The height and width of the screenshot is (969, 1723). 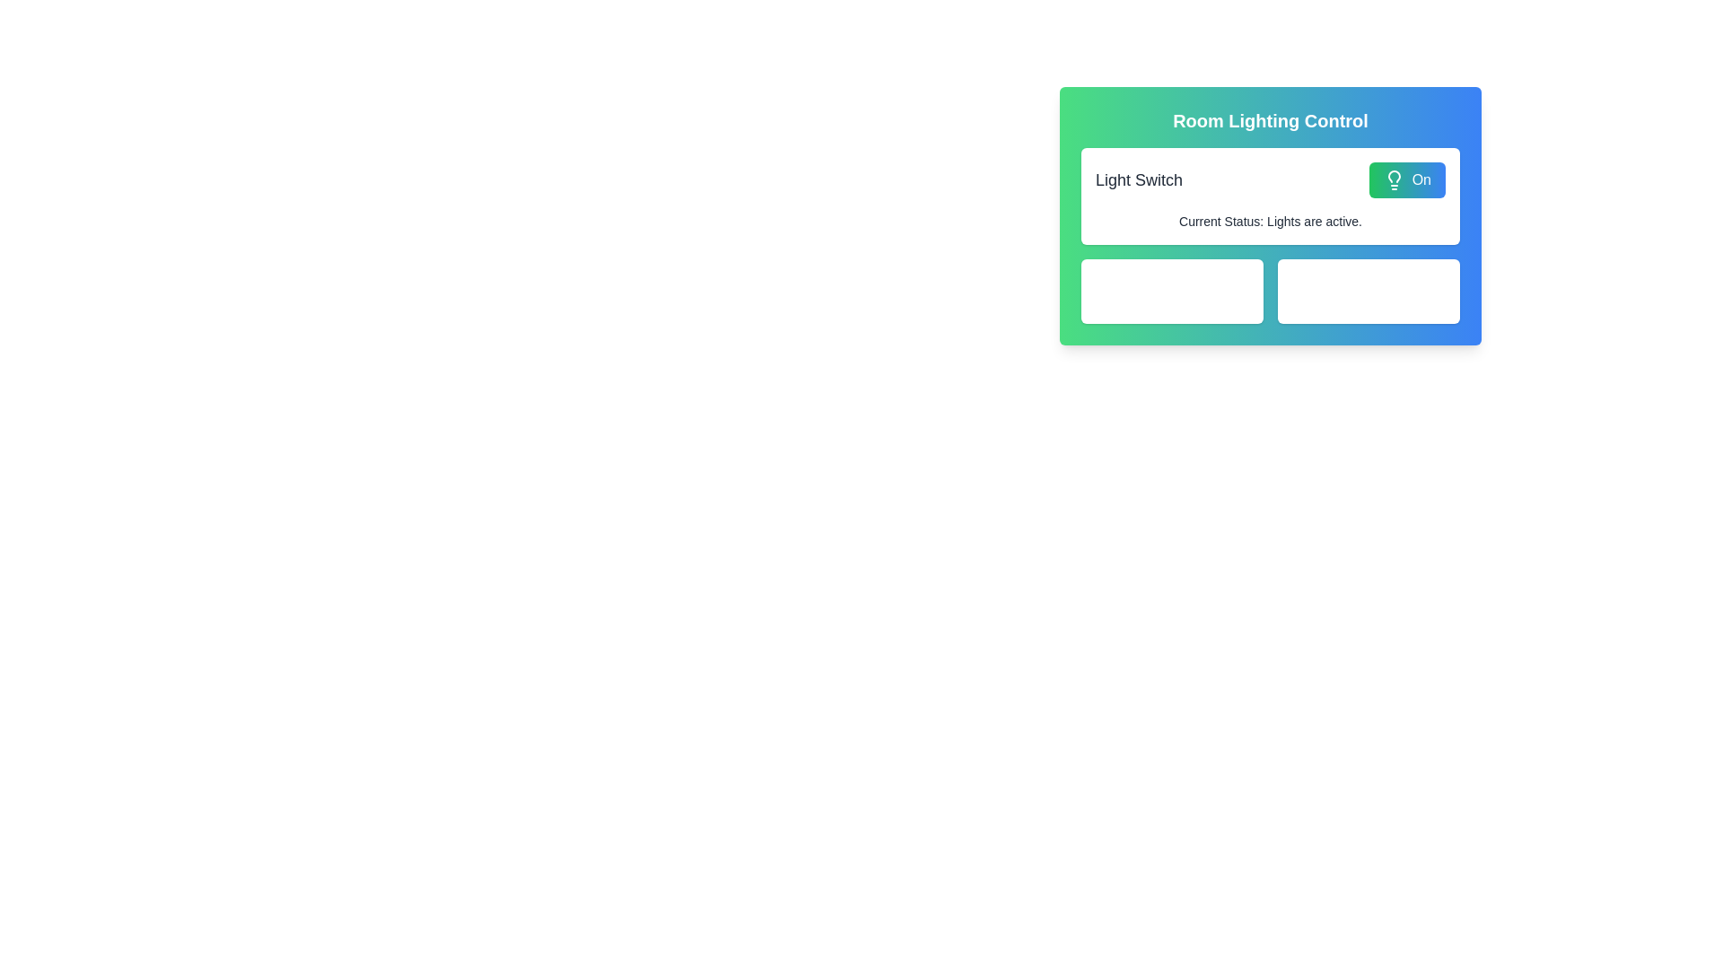 I want to click on the text label that identifies the purpose of the nearby 'On' button for the Room Lighting Control panel, so click(x=1138, y=179).